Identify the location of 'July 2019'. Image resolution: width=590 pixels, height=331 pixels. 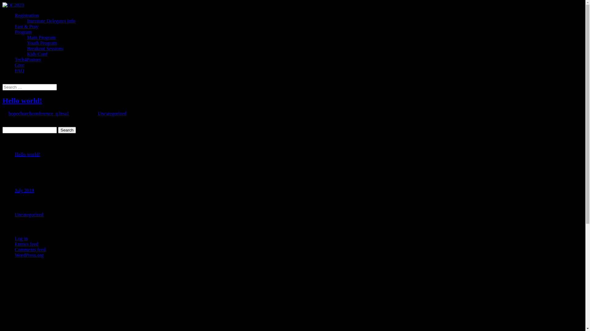
(15, 190).